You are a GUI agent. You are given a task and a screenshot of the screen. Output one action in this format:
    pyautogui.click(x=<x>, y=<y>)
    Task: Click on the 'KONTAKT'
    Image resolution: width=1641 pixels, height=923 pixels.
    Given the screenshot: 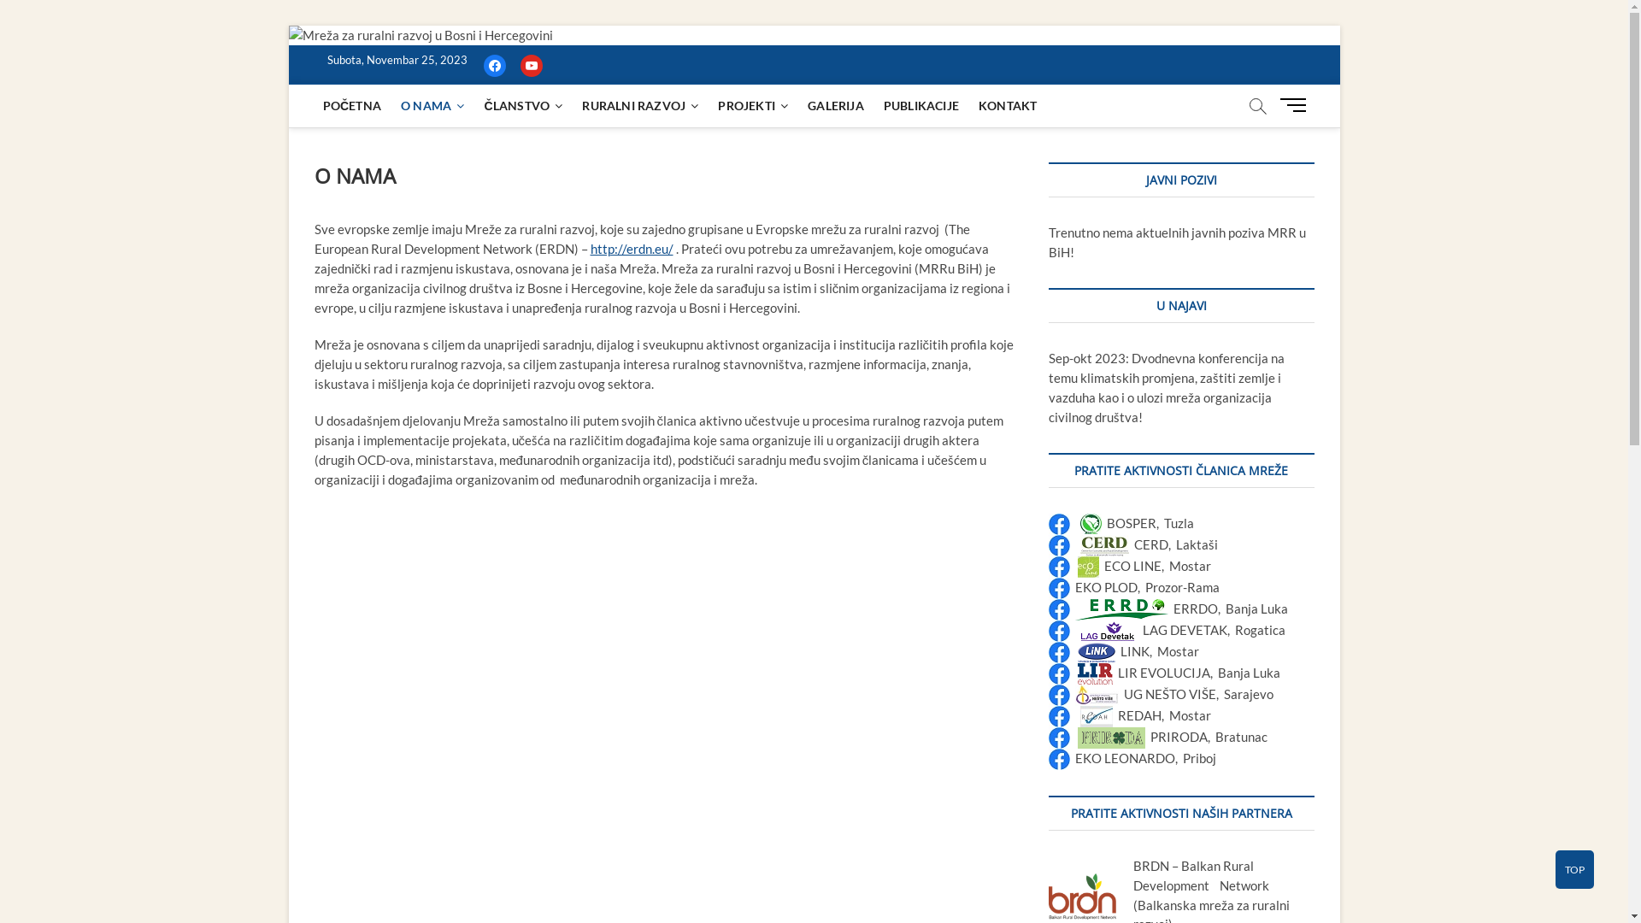 What is the action you would take?
    pyautogui.click(x=1008, y=105)
    